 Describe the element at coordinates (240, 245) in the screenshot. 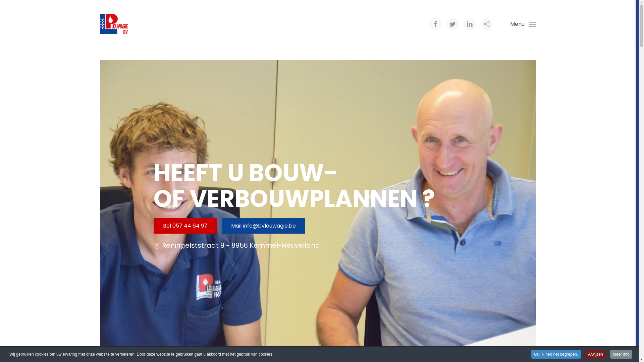

I see `'Reningelststraat 9 - 8956 Kemmel-Heuvelland'` at that location.